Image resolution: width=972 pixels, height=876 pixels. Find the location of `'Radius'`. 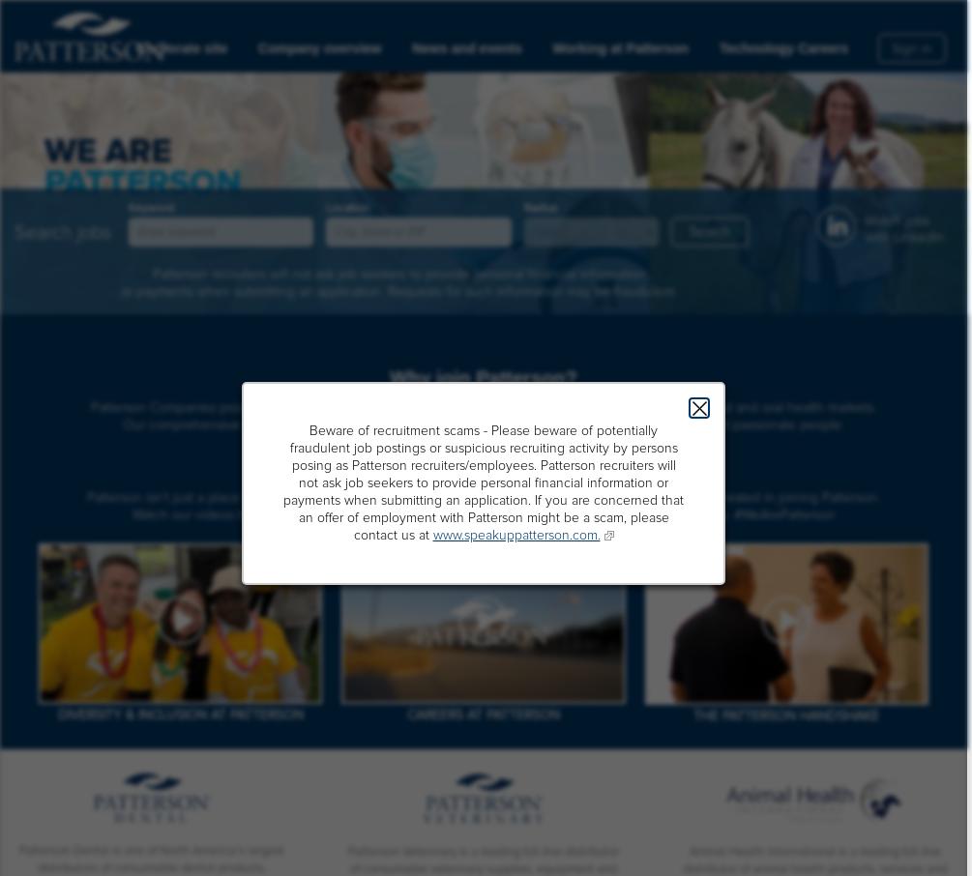

'Radius' is located at coordinates (521, 207).